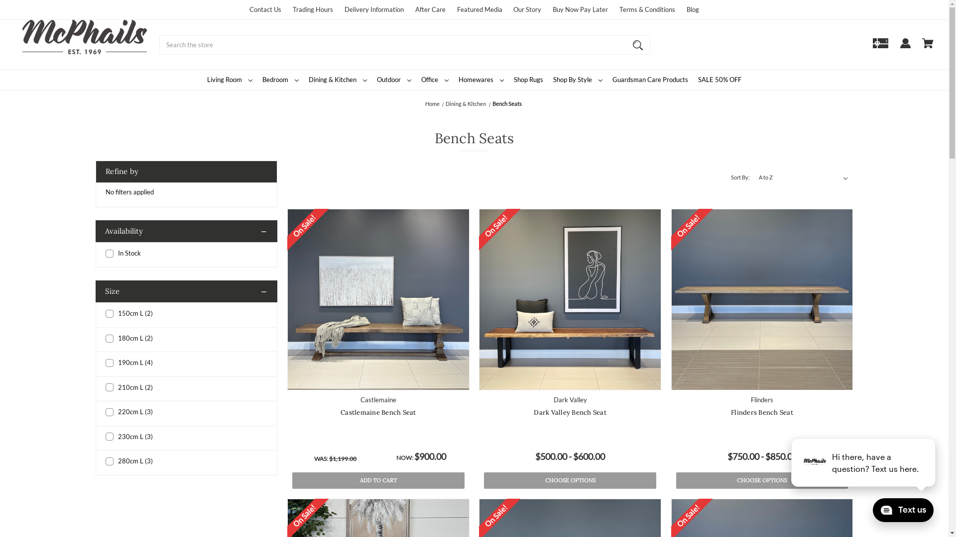 The height and width of the screenshot is (537, 956). I want to click on 'Home', so click(432, 103).